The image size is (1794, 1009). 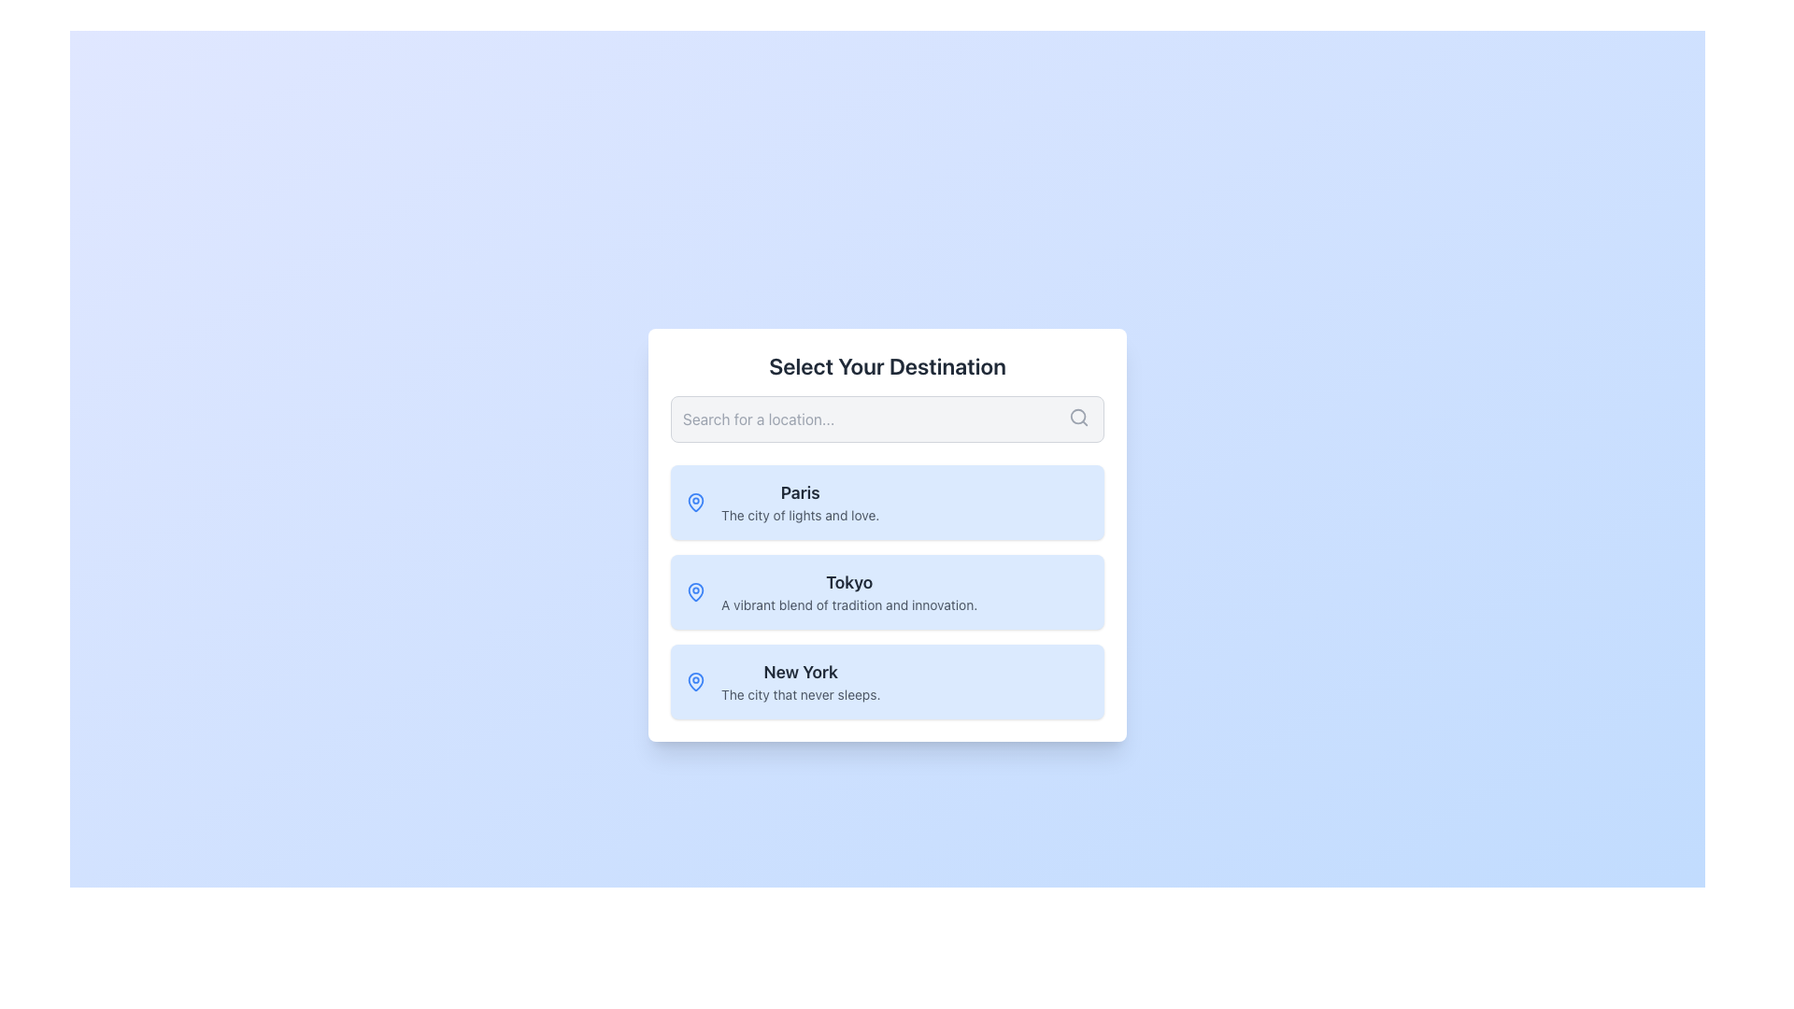 What do you see at coordinates (1079, 417) in the screenshot?
I see `the search icon located in the upper right corner of the search bar input field to initiate a search` at bounding box center [1079, 417].